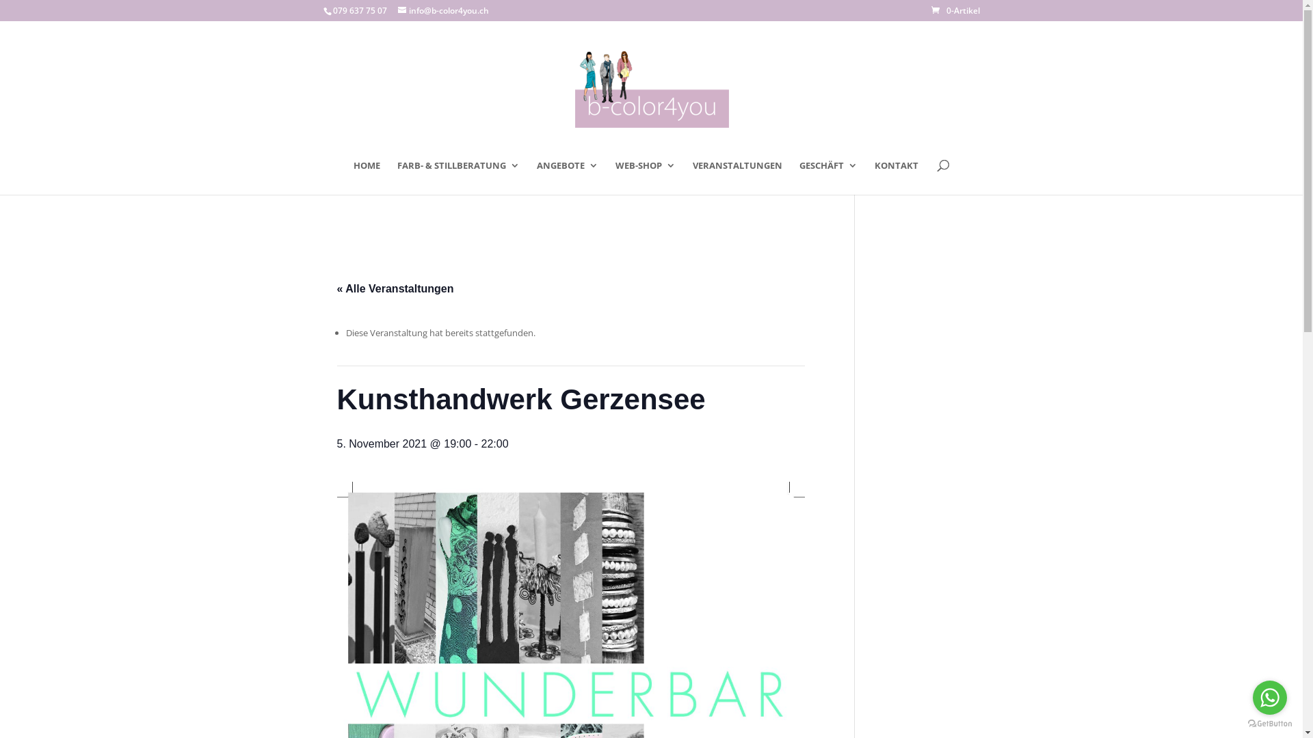 The height and width of the screenshot is (738, 1313). Describe the element at coordinates (568, 176) in the screenshot. I see `'ANGEBOTE'` at that location.